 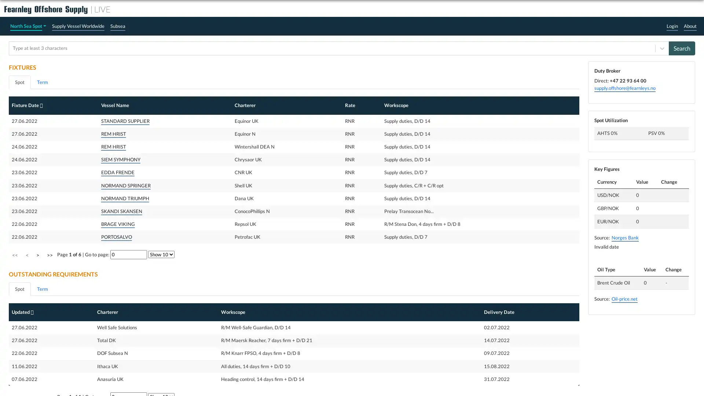 What do you see at coordinates (15, 254) in the screenshot?
I see `<<` at bounding box center [15, 254].